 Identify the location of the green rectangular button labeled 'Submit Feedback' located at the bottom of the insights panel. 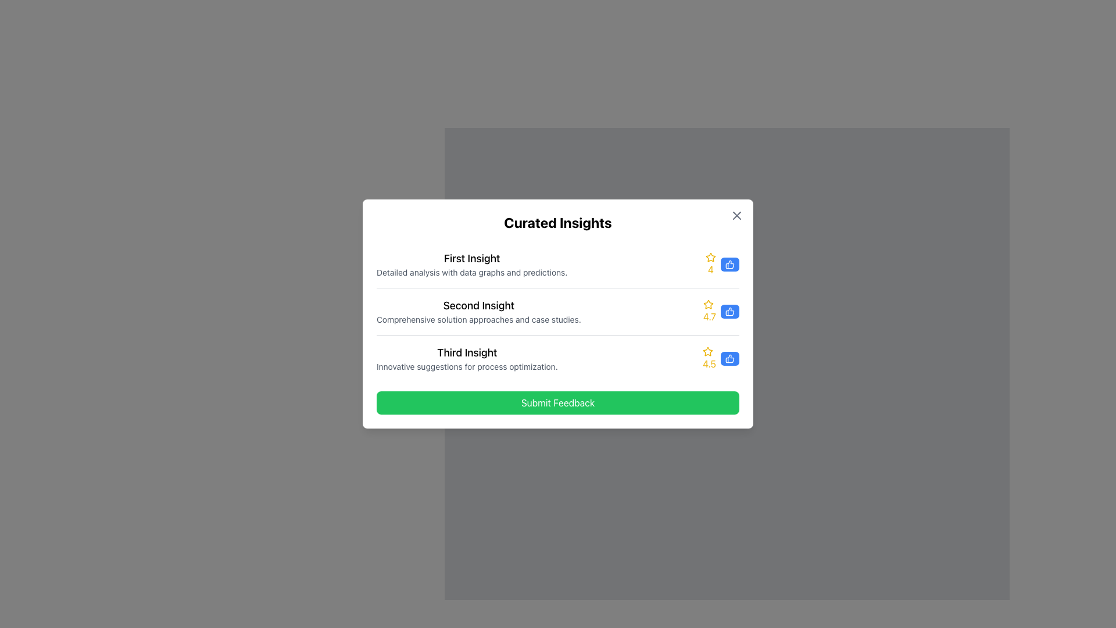
(558, 402).